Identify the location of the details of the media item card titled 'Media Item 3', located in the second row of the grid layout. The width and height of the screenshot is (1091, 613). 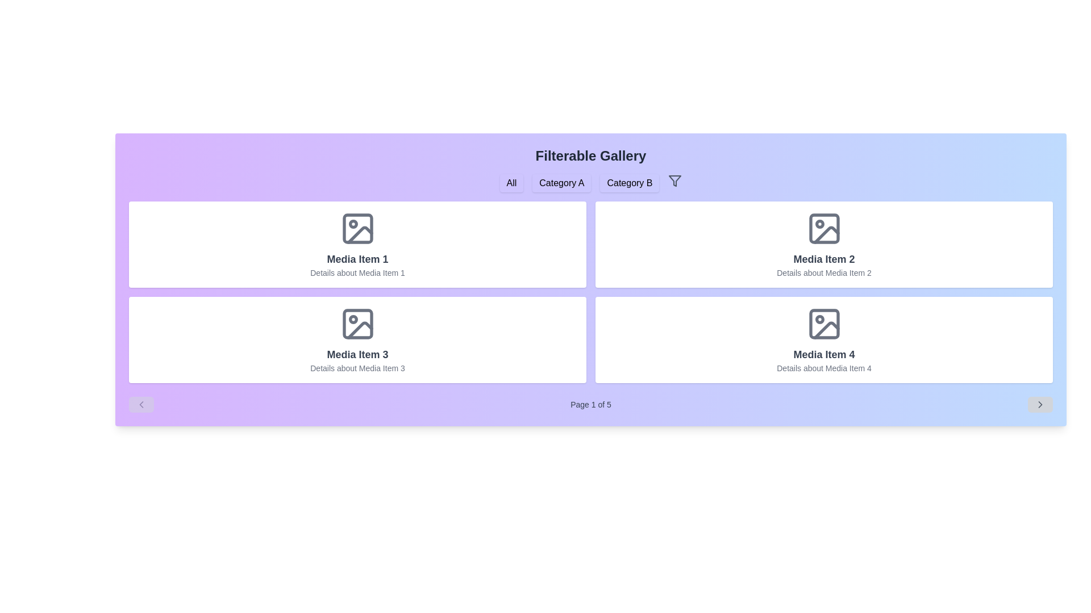
(357, 339).